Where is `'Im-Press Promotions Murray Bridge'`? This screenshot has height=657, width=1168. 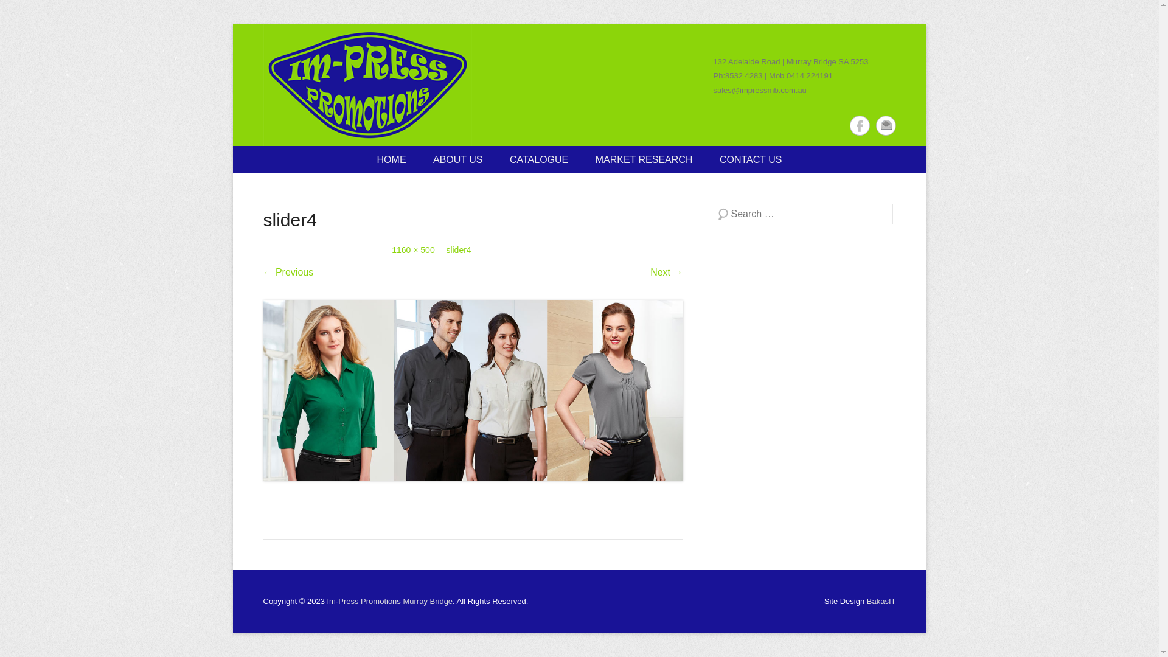
'Im-Press Promotions Murray Bridge' is located at coordinates (366, 84).